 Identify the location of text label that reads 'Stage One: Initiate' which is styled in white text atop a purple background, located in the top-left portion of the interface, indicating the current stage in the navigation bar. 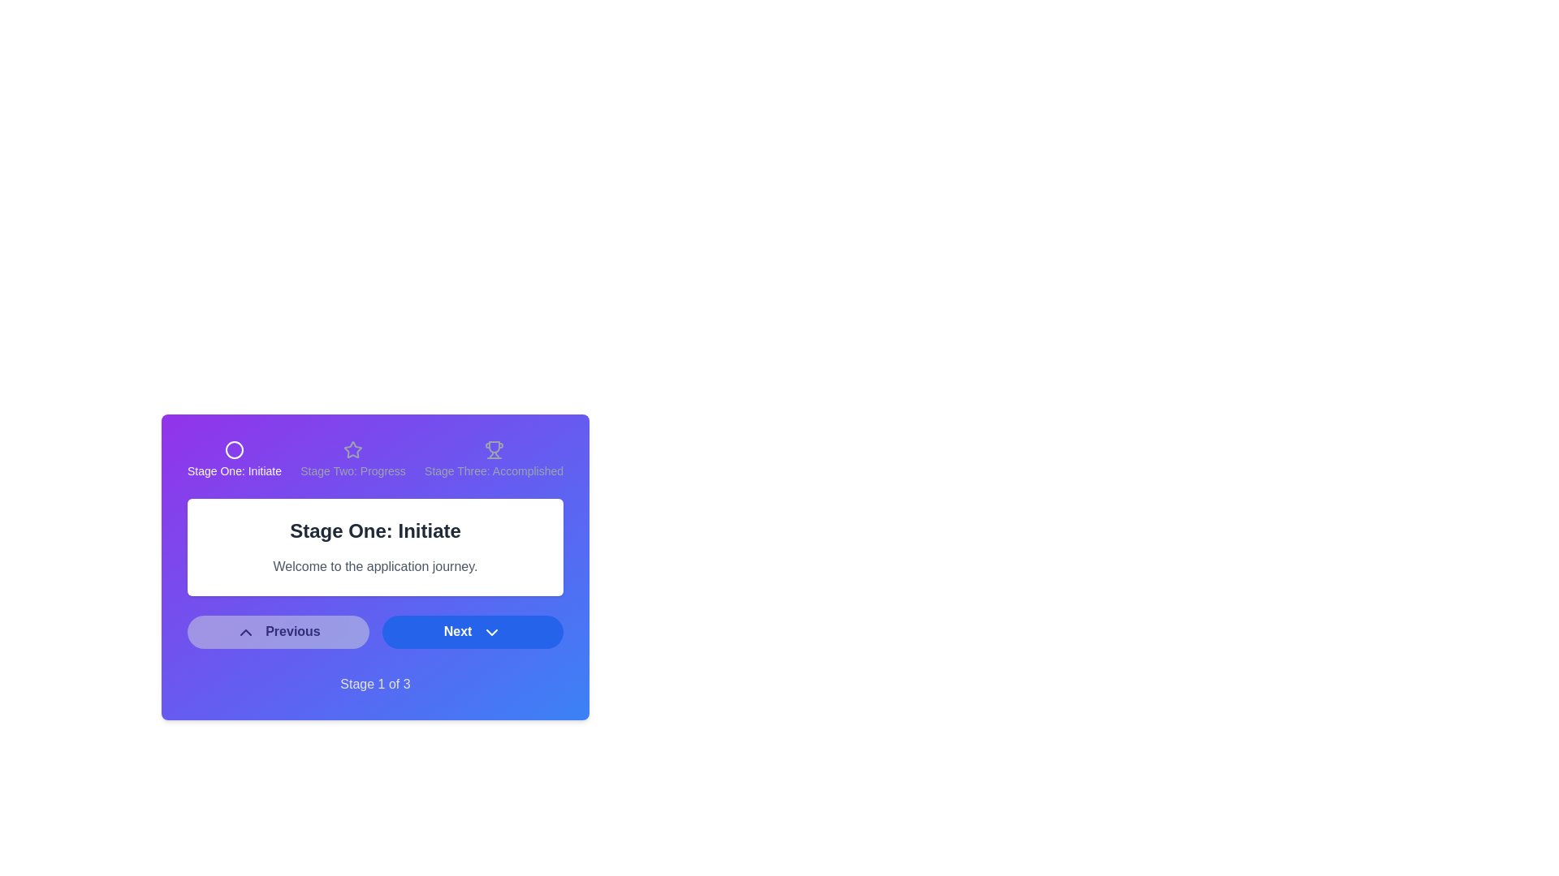
(233, 471).